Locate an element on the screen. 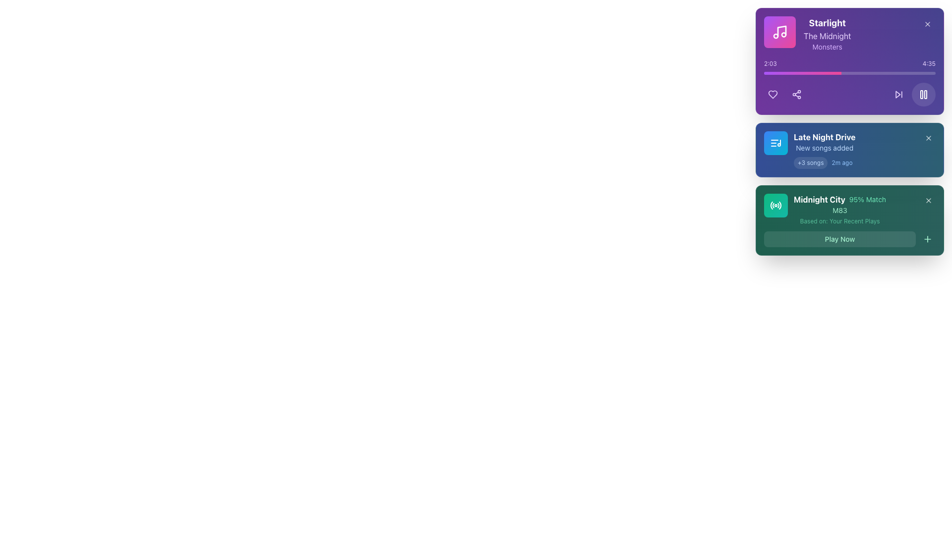 This screenshot has width=952, height=535. the icon button located in the top left section of the 'Late Night Drive' card is located at coordinates (775, 143).